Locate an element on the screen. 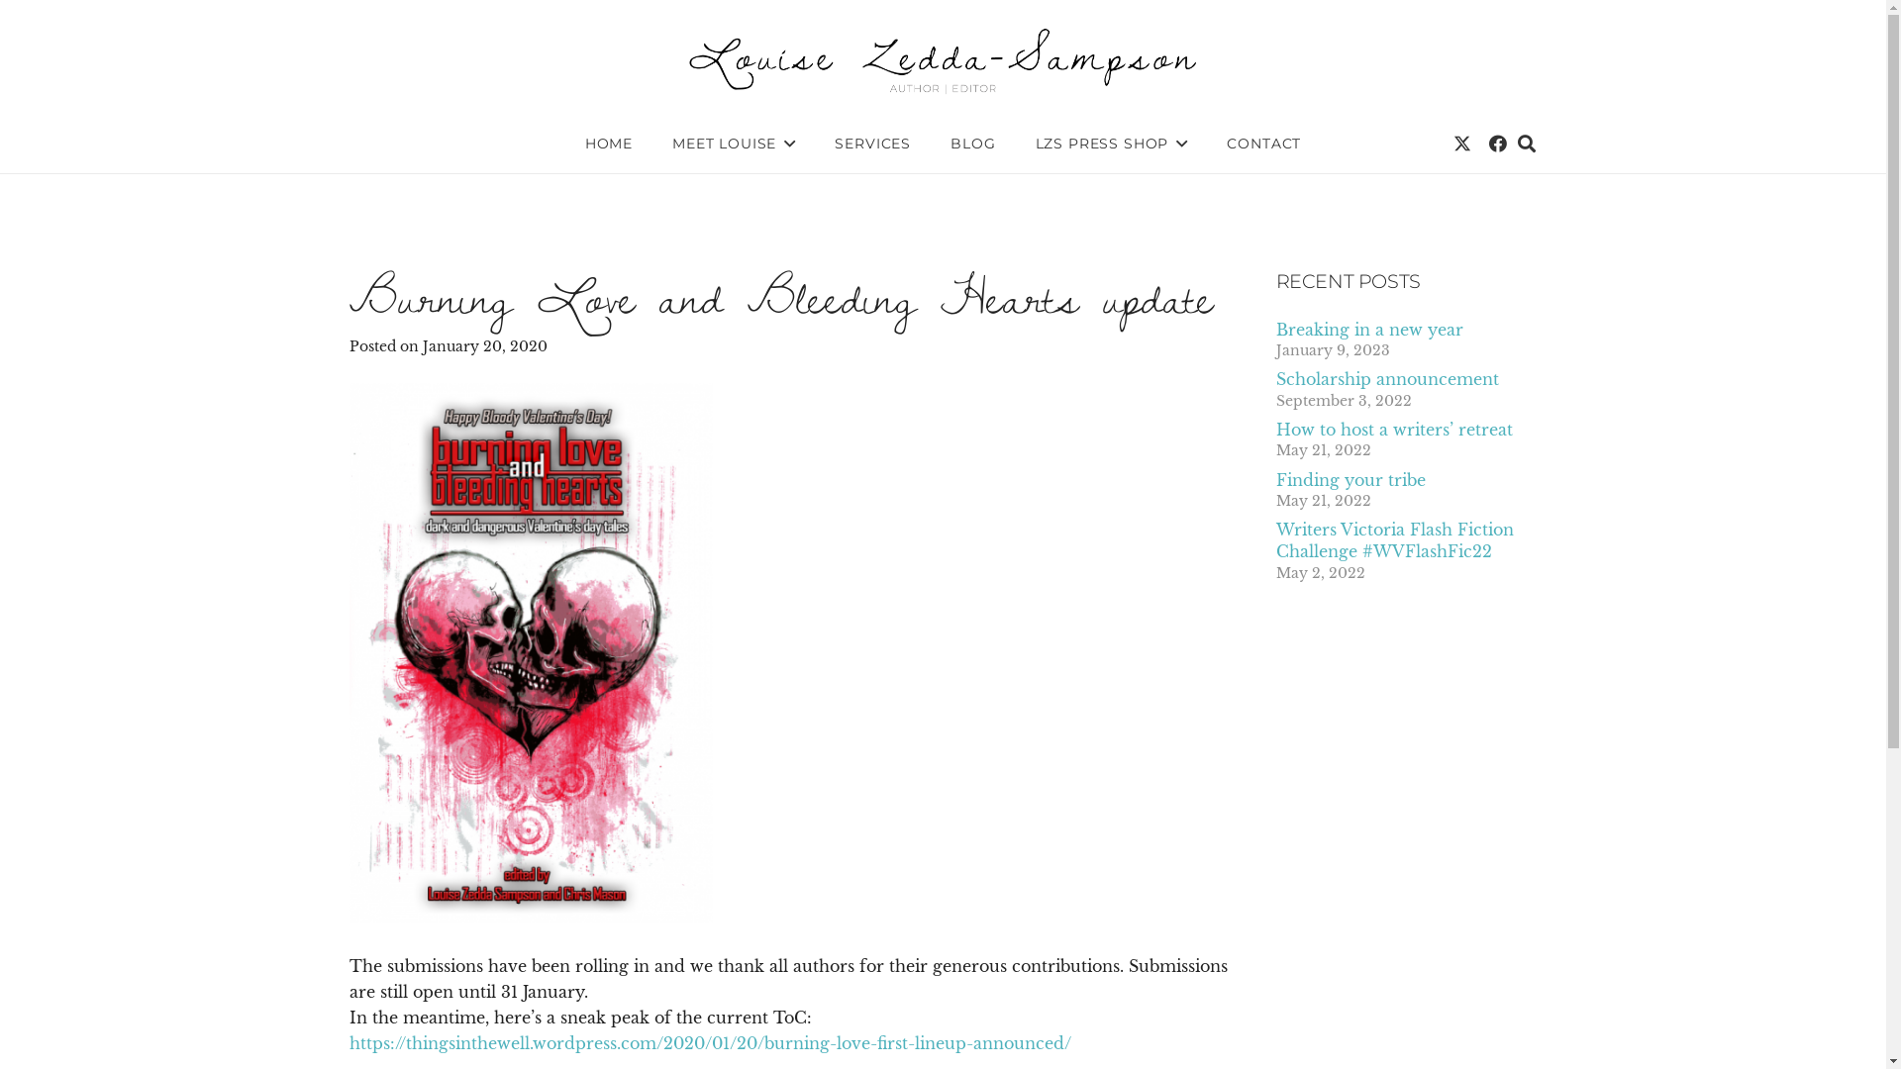  'Writers Victoria Flash Fiction Challenge #WVFlashFic22' is located at coordinates (1392, 540).